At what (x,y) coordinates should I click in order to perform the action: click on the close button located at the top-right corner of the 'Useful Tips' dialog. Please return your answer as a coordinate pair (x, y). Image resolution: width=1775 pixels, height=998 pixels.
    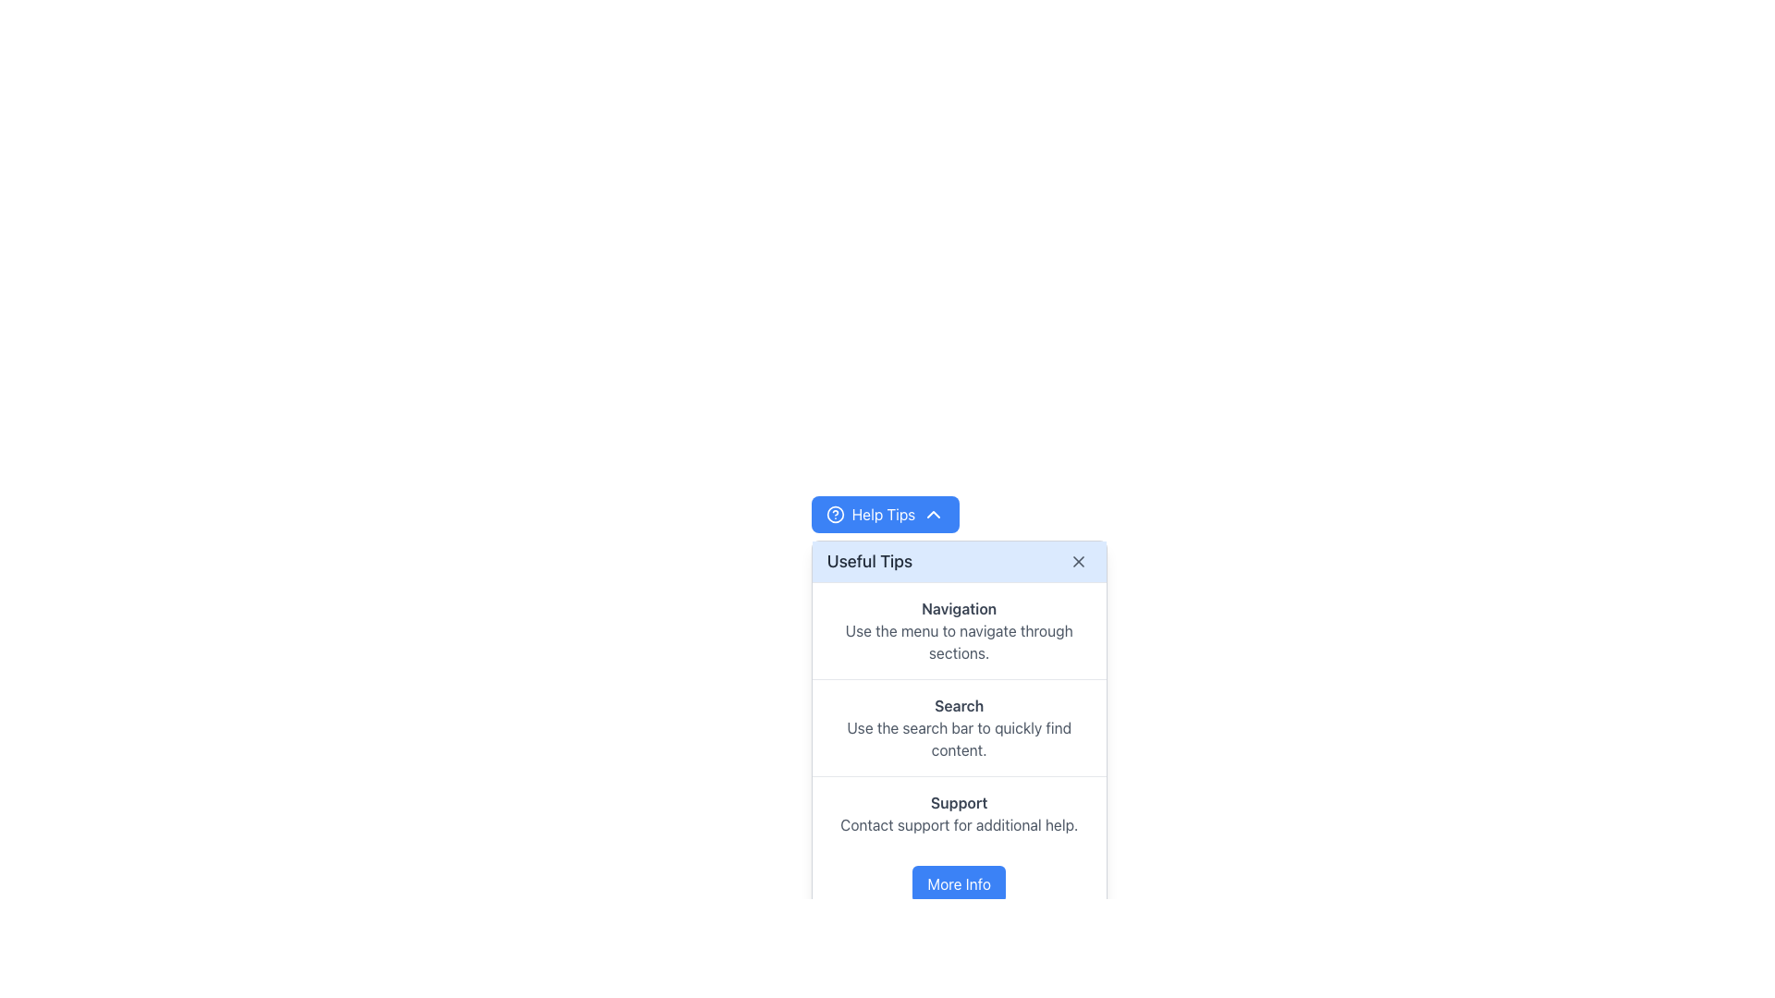
    Looking at the image, I should click on (1078, 561).